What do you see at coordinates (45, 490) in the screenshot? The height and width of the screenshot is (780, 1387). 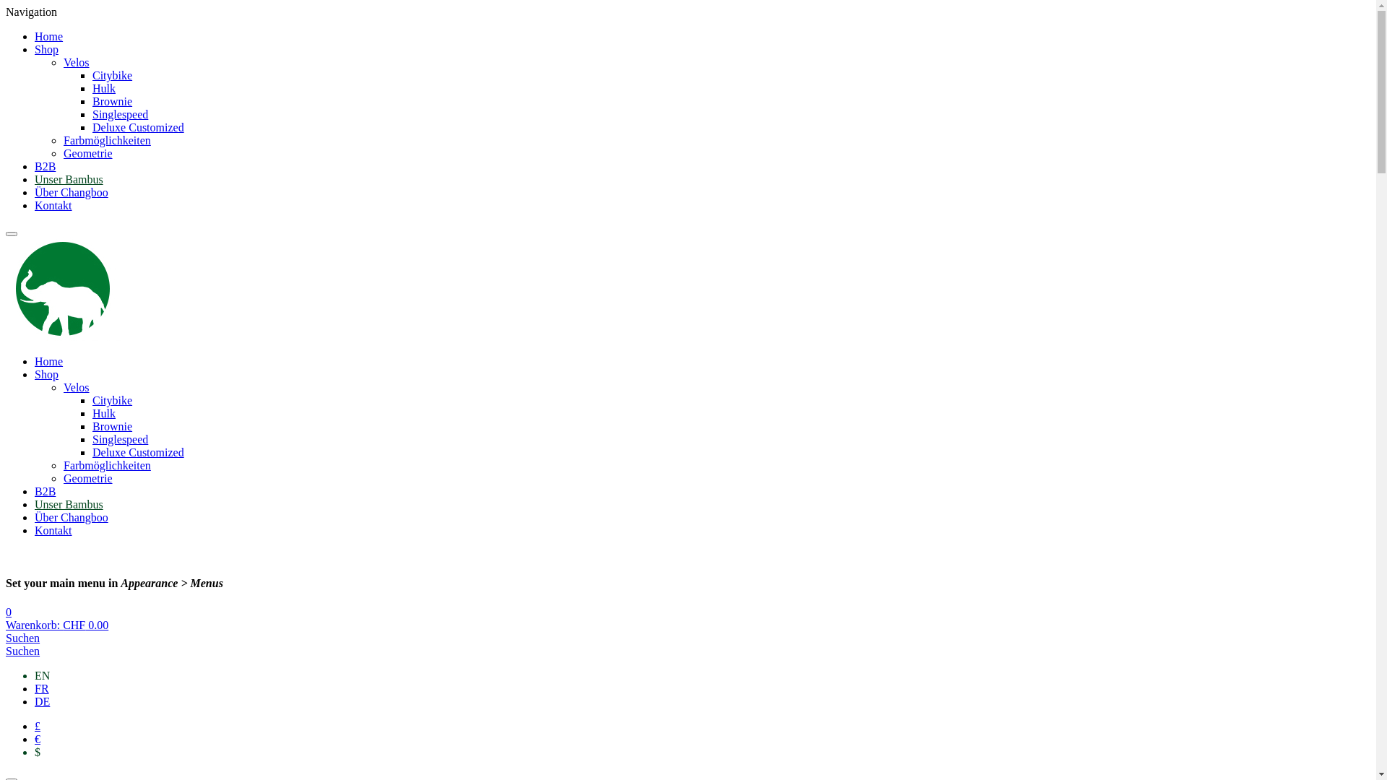 I see `'B2B'` at bounding box center [45, 490].